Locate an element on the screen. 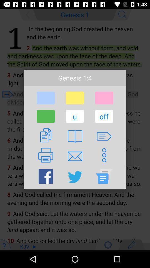 This screenshot has width=150, height=268. the off is located at coordinates (104, 116).